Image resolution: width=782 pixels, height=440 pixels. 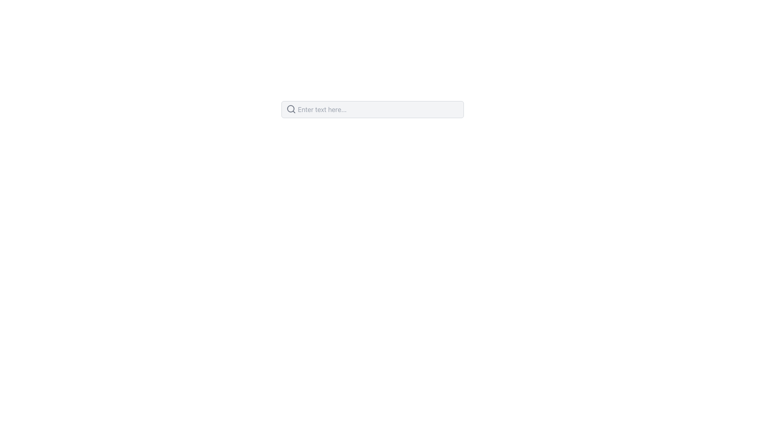 I want to click on the hollow circular component of the magnifying glass icon, which is part of the SVG element located to the left of the text input field labeled 'Enter text here...', so click(x=290, y=108).